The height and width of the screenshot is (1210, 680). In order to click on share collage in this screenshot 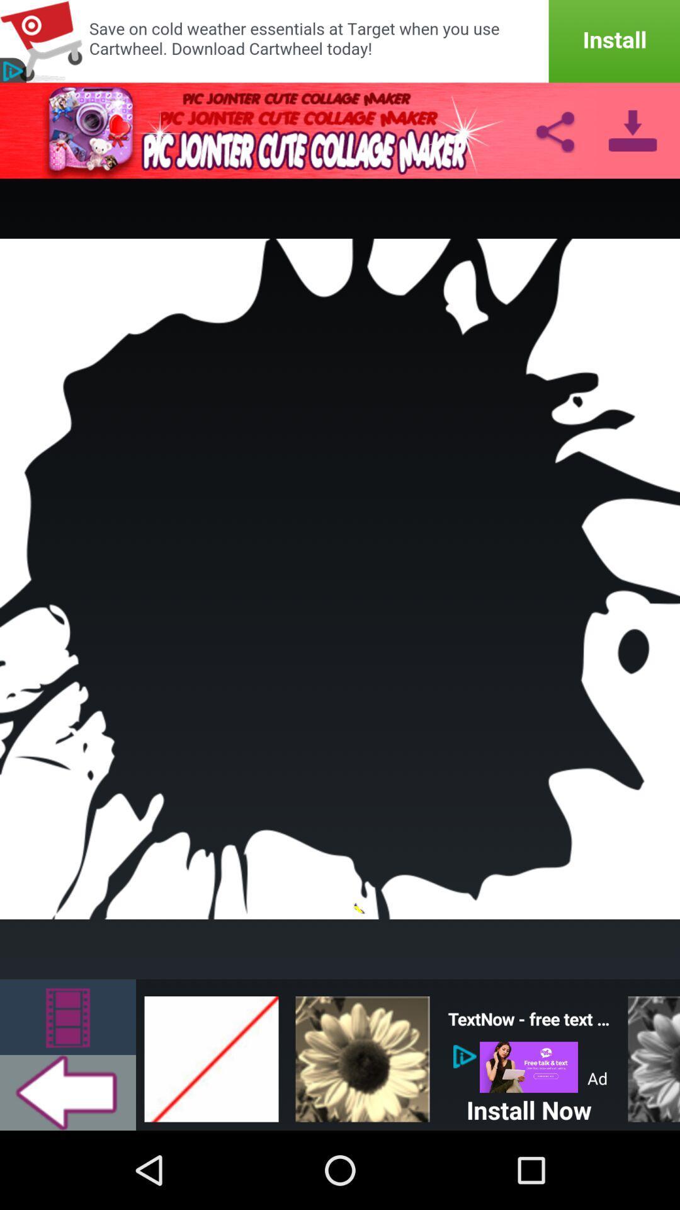, I will do `click(554, 130)`.